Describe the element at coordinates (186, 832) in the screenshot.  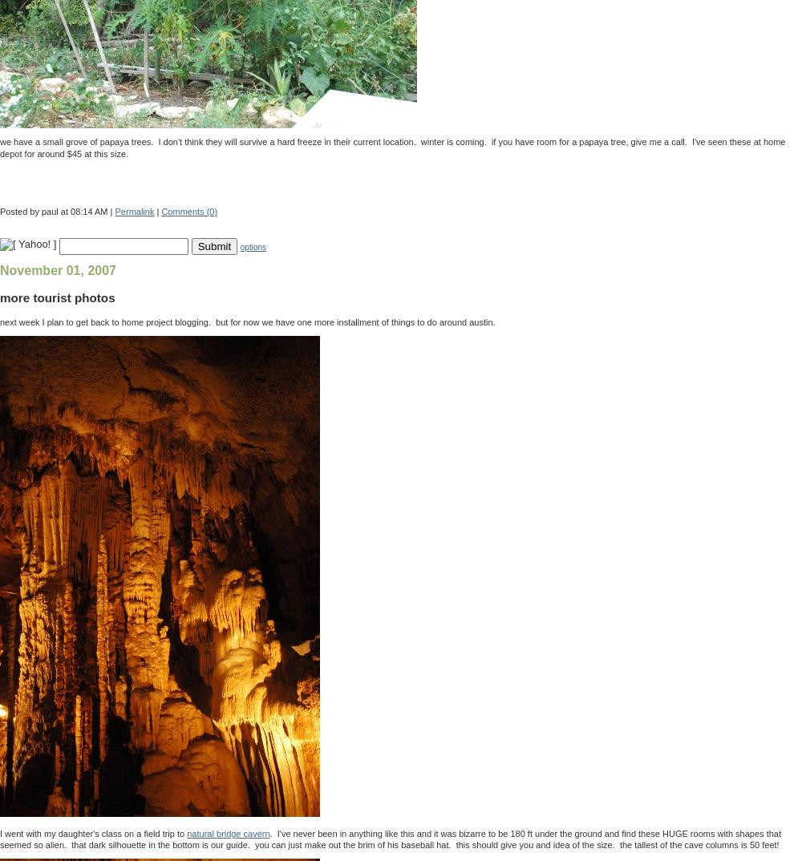
I see `'natural bridge cavern'` at that location.